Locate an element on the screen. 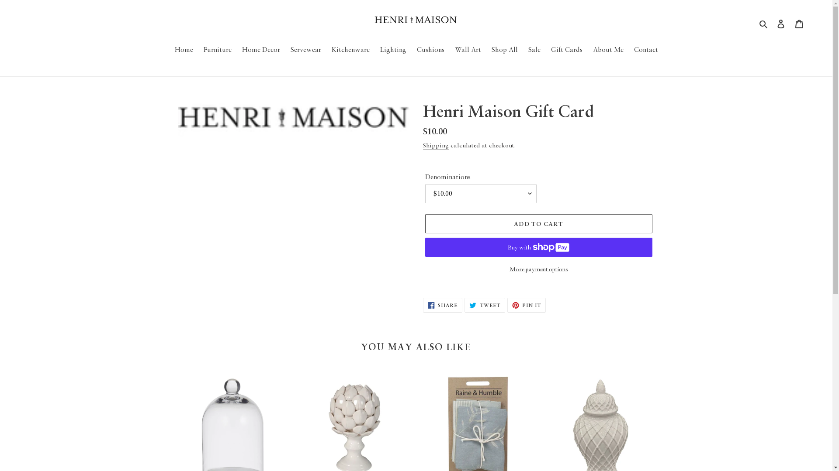 The height and width of the screenshot is (471, 839). 'Servewear' is located at coordinates (285, 50).